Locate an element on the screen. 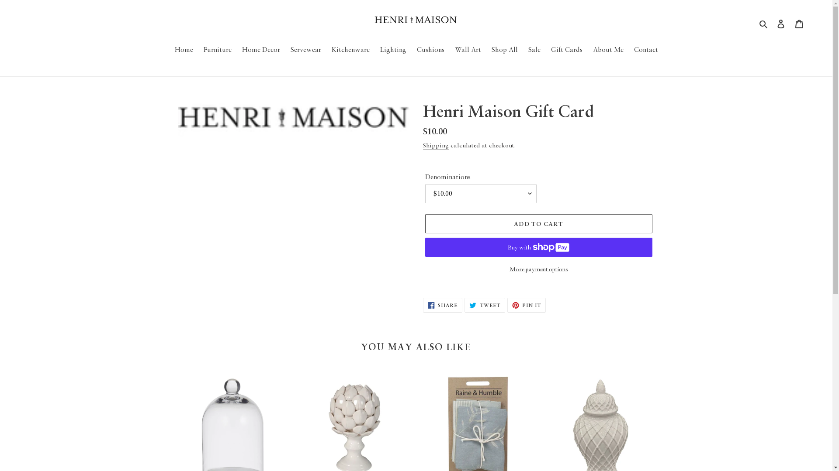 The height and width of the screenshot is (471, 839). 'Servewear' is located at coordinates (285, 50).